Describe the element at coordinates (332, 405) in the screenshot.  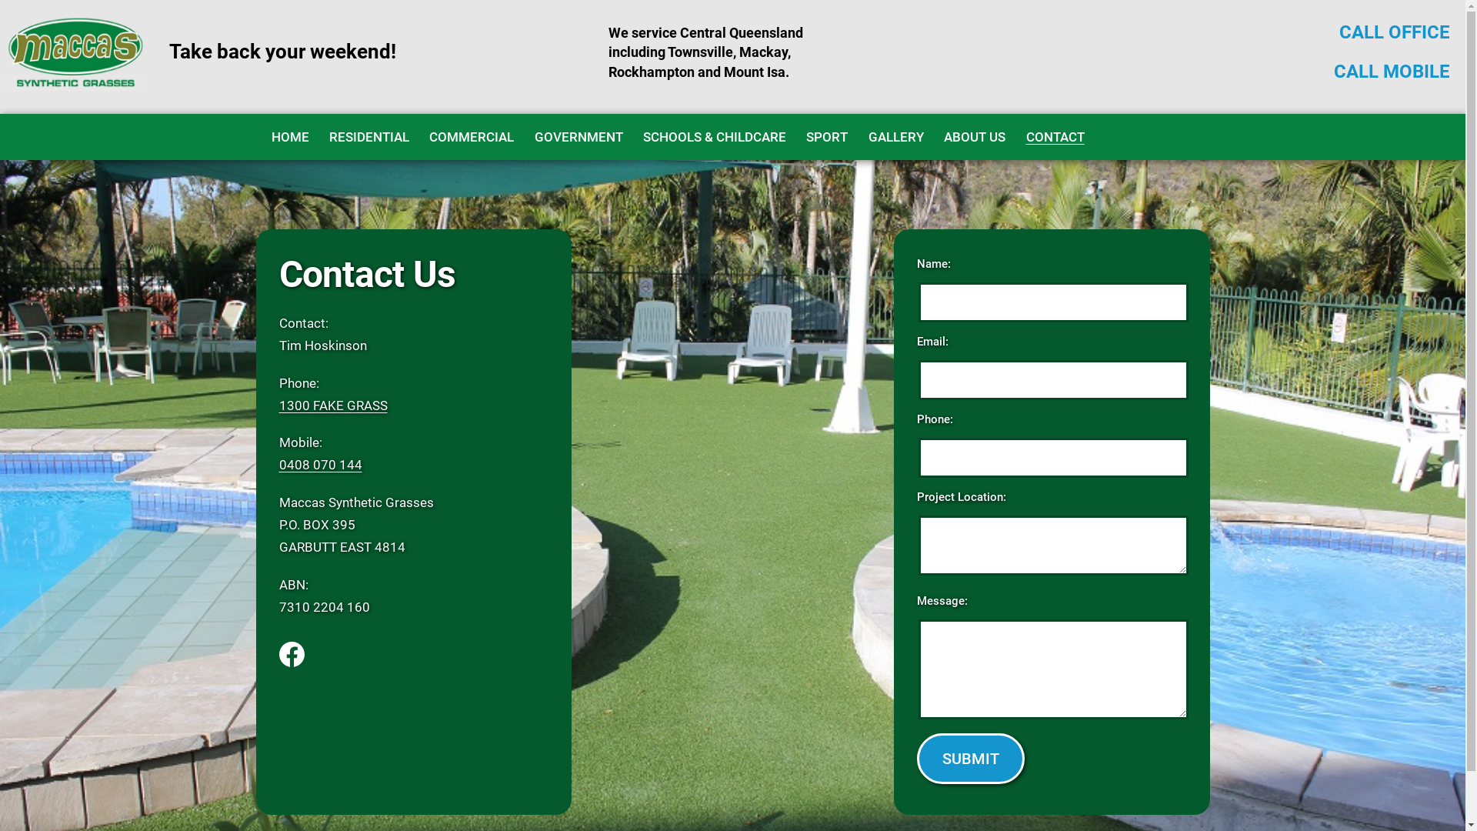
I see `'1300 FAKE GRASS'` at that location.